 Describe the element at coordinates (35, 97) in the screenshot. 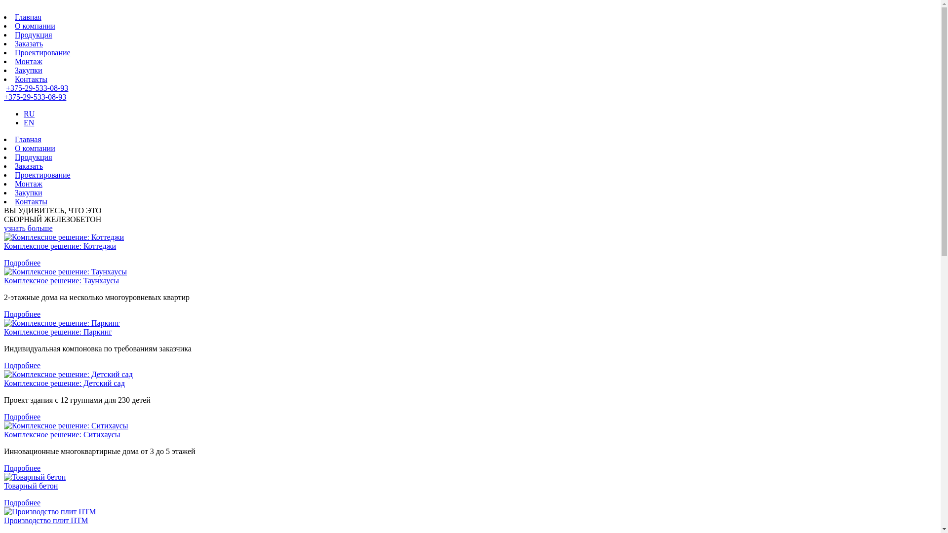

I see `'+375-29-533-08-93'` at that location.